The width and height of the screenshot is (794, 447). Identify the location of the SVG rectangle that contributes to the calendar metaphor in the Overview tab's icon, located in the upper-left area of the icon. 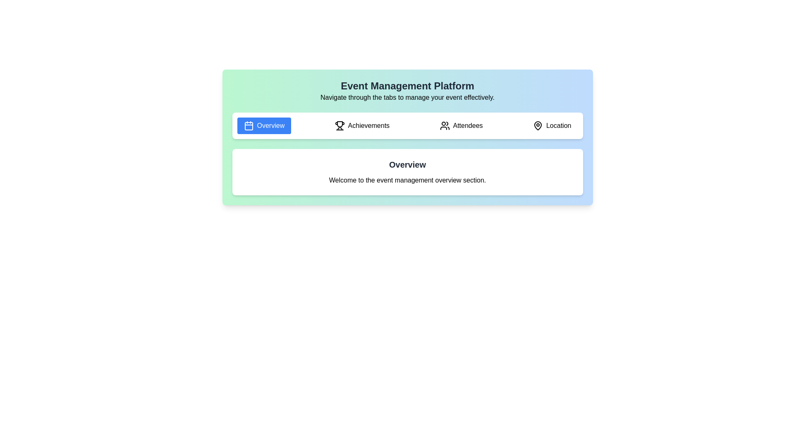
(248, 126).